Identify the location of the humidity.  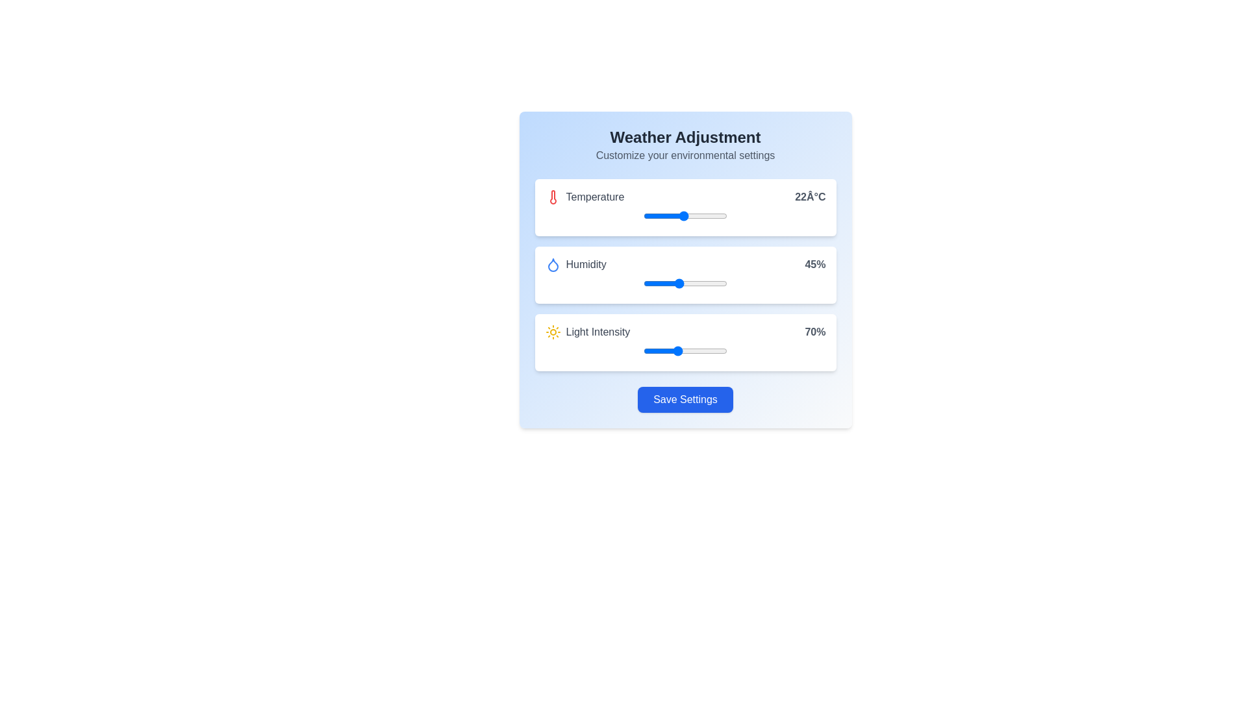
(711, 282).